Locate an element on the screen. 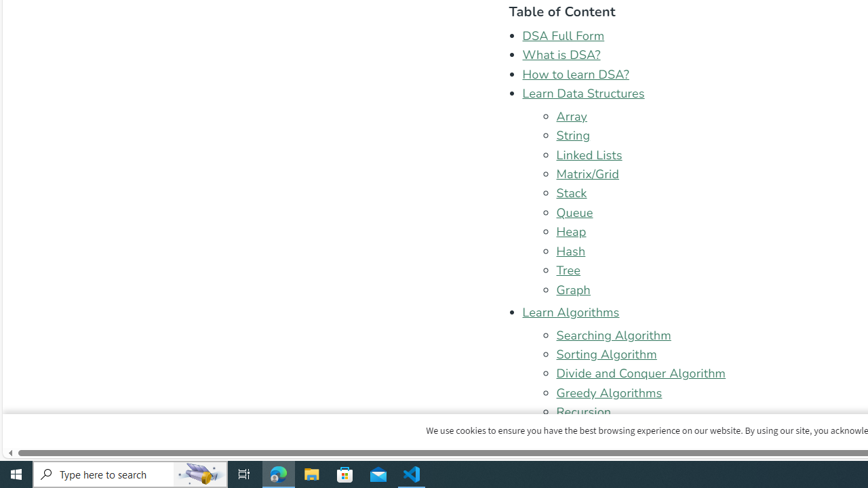 The height and width of the screenshot is (488, 868). 'Greedy Algorithms' is located at coordinates (608, 392).